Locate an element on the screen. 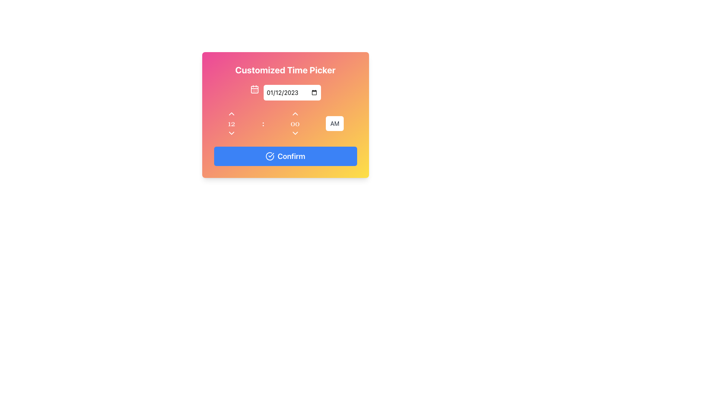 The width and height of the screenshot is (715, 402). the central rounded square inside the calendar icon, which is situated to the left of the date input field labeled '01/12/2023' is located at coordinates (254, 89).